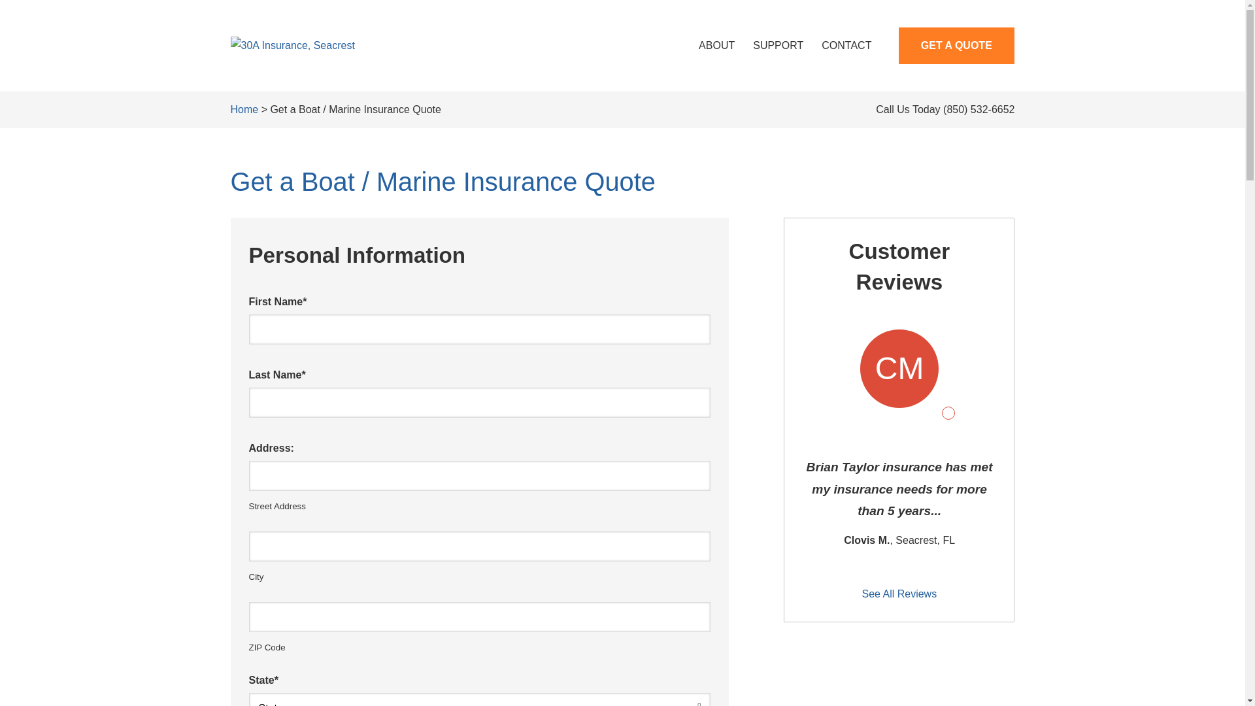 The width and height of the screenshot is (1255, 706). What do you see at coordinates (846, 44) in the screenshot?
I see `'CONTACT'` at bounding box center [846, 44].